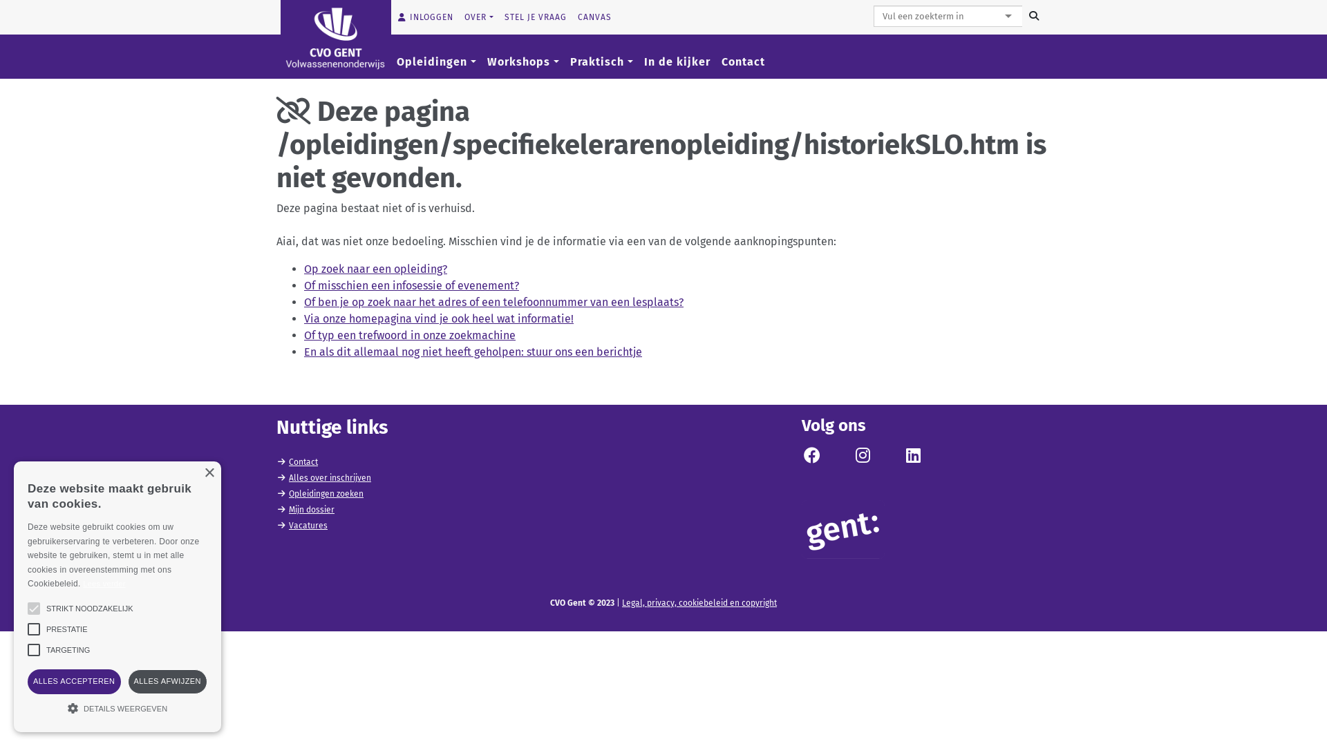 The image size is (1327, 746). Describe the element at coordinates (912, 458) in the screenshot. I see `'CVO Gent op linkedin'` at that location.